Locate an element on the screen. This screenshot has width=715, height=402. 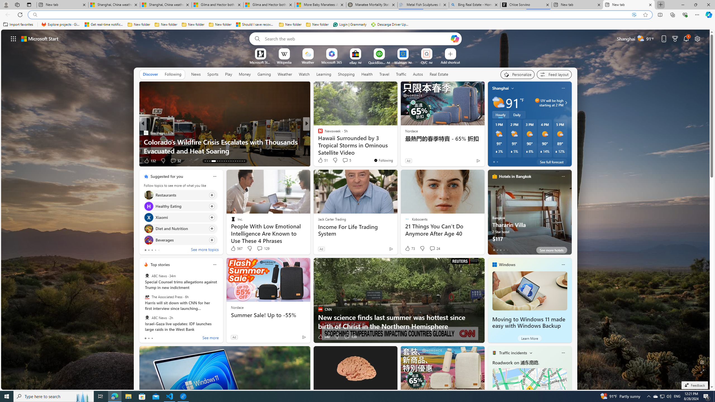
'Learning' is located at coordinates (323, 74).